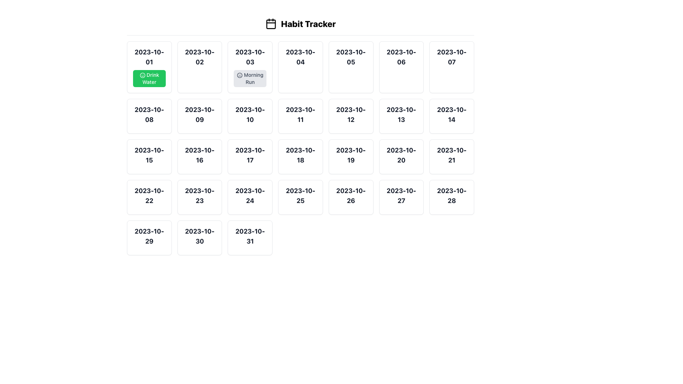 This screenshot has height=384, width=683. What do you see at coordinates (250, 57) in the screenshot?
I see `the text label representing the date '2023-10-03' at the top-center of the card labeled '2023-10-03 Morning Run'` at bounding box center [250, 57].